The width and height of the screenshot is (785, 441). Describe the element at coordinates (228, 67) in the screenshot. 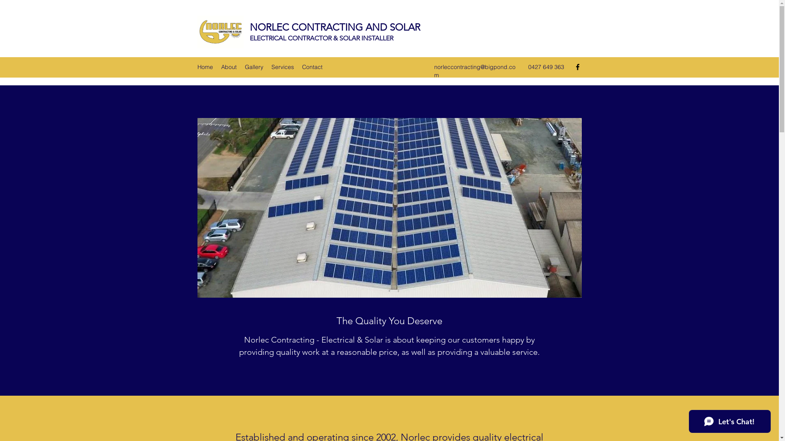

I see `'About'` at that location.